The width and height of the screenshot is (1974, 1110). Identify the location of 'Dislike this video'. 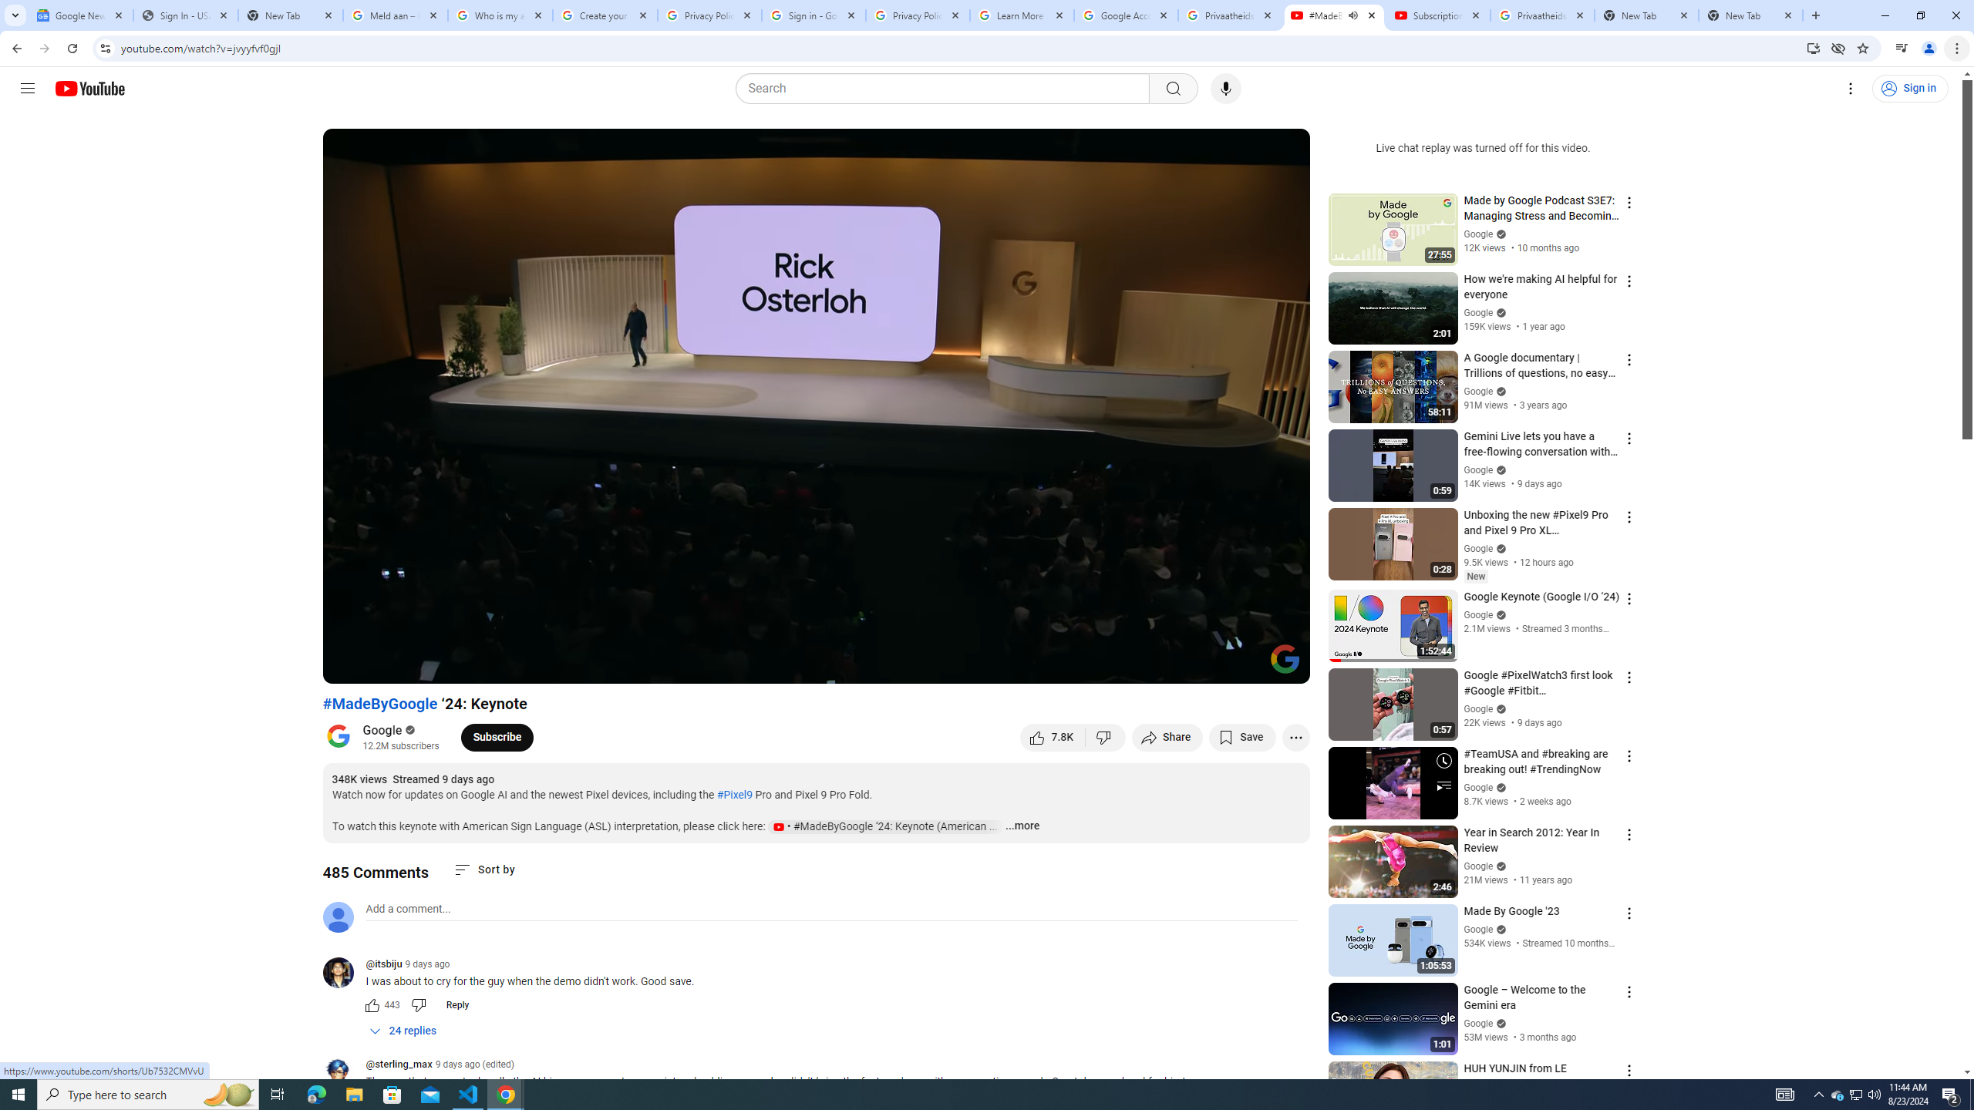
(1106, 736).